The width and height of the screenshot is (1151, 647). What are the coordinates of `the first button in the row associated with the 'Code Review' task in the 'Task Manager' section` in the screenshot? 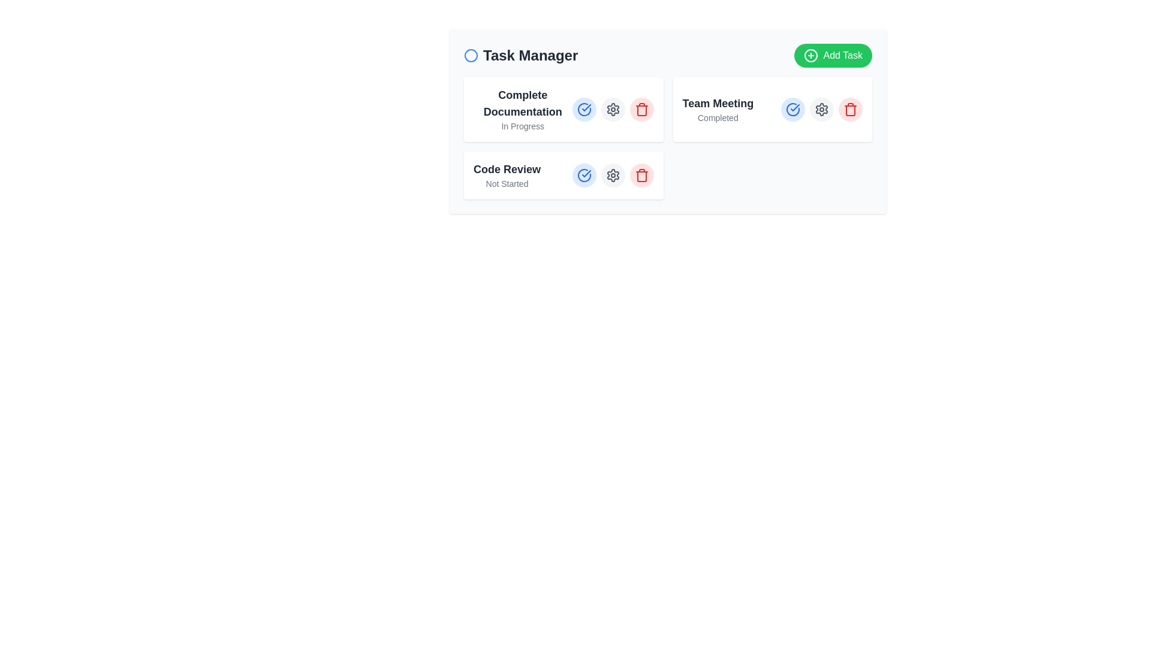 It's located at (584, 176).